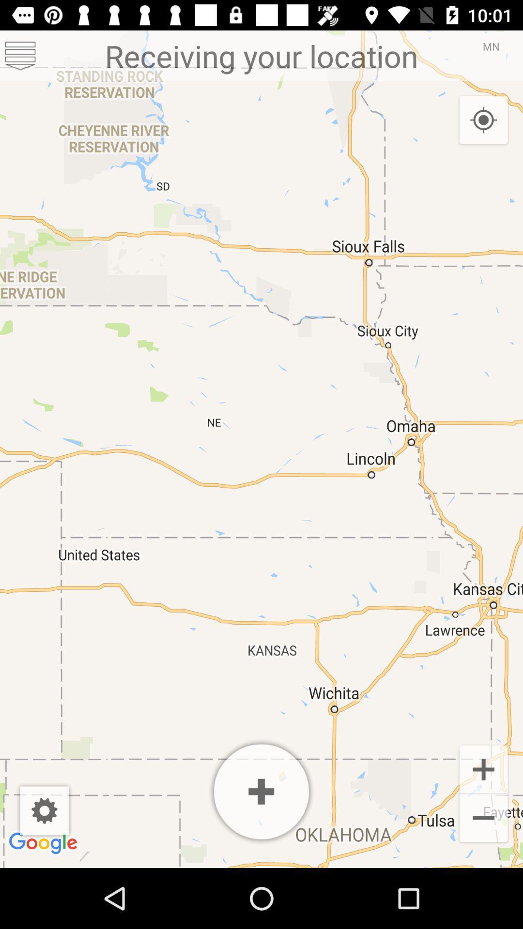 The image size is (523, 929). What do you see at coordinates (483, 768) in the screenshot?
I see `the add icon` at bounding box center [483, 768].